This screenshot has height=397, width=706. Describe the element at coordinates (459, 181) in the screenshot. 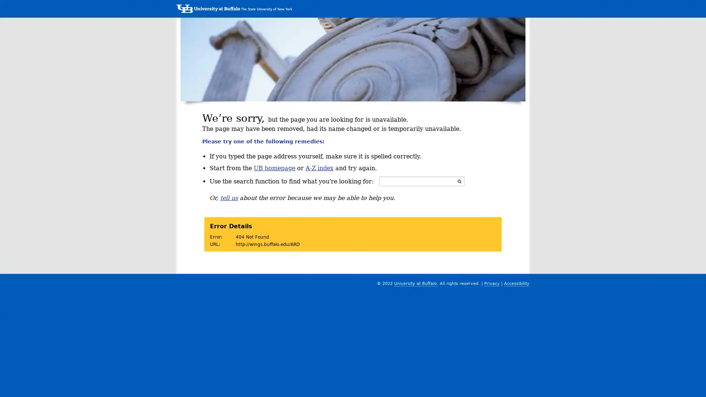

I see `Search` at that location.